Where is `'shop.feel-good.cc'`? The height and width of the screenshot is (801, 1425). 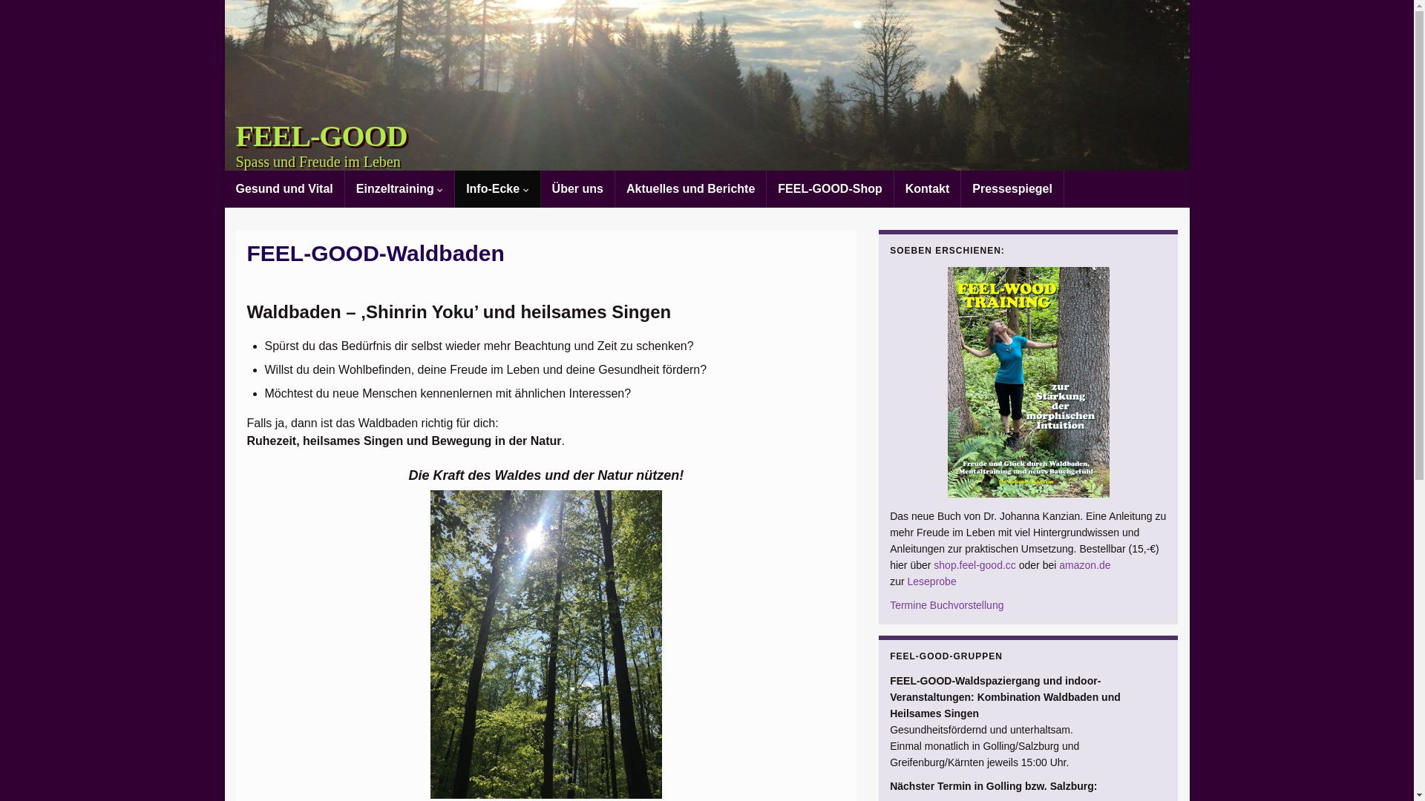
'shop.feel-good.cc' is located at coordinates (974, 565).